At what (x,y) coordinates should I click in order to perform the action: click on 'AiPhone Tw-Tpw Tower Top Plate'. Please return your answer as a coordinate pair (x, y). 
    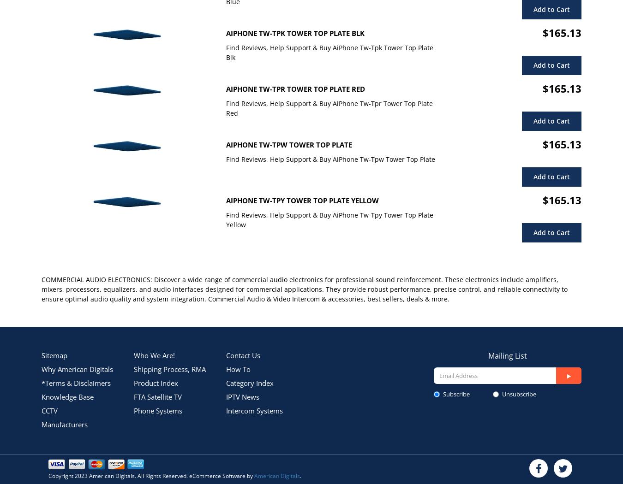
    Looking at the image, I should click on (289, 144).